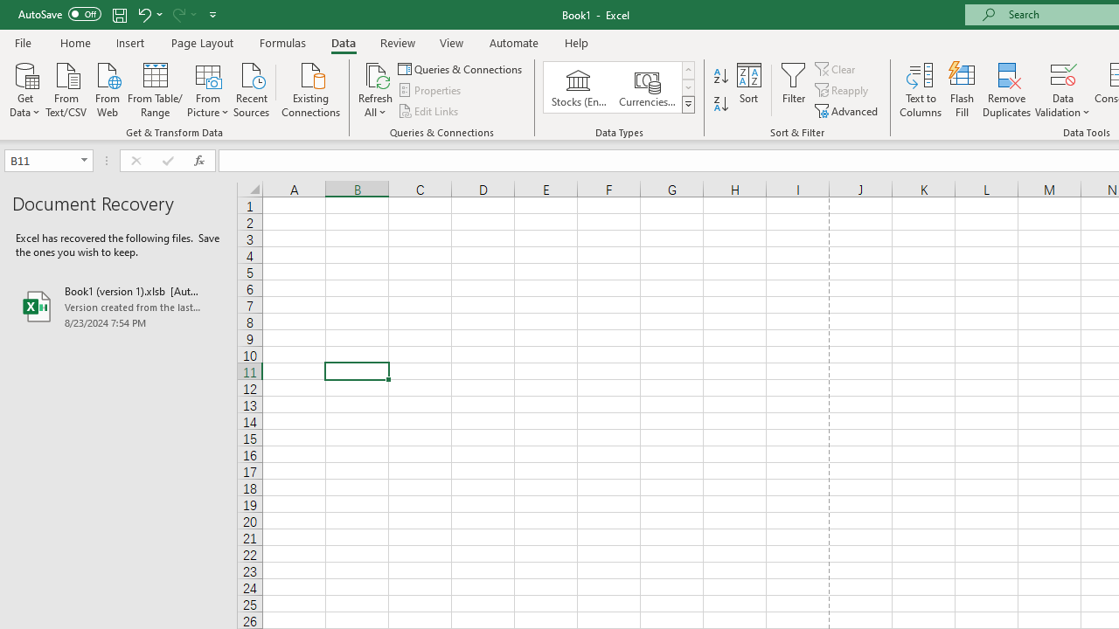  What do you see at coordinates (155, 88) in the screenshot?
I see `'From Table/Range'` at bounding box center [155, 88].